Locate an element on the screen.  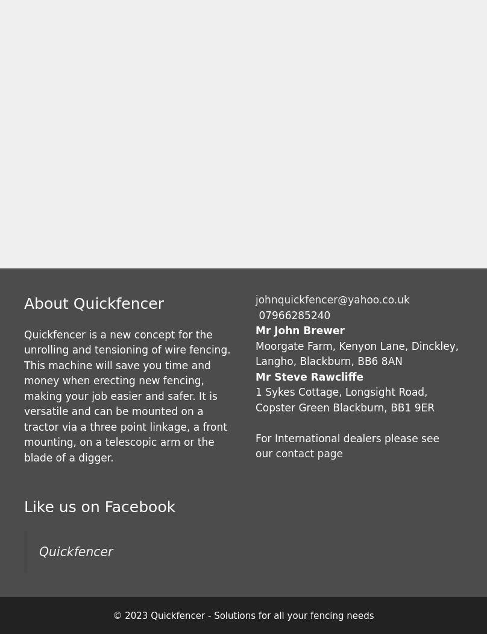
'07966285240' is located at coordinates (256, 315).